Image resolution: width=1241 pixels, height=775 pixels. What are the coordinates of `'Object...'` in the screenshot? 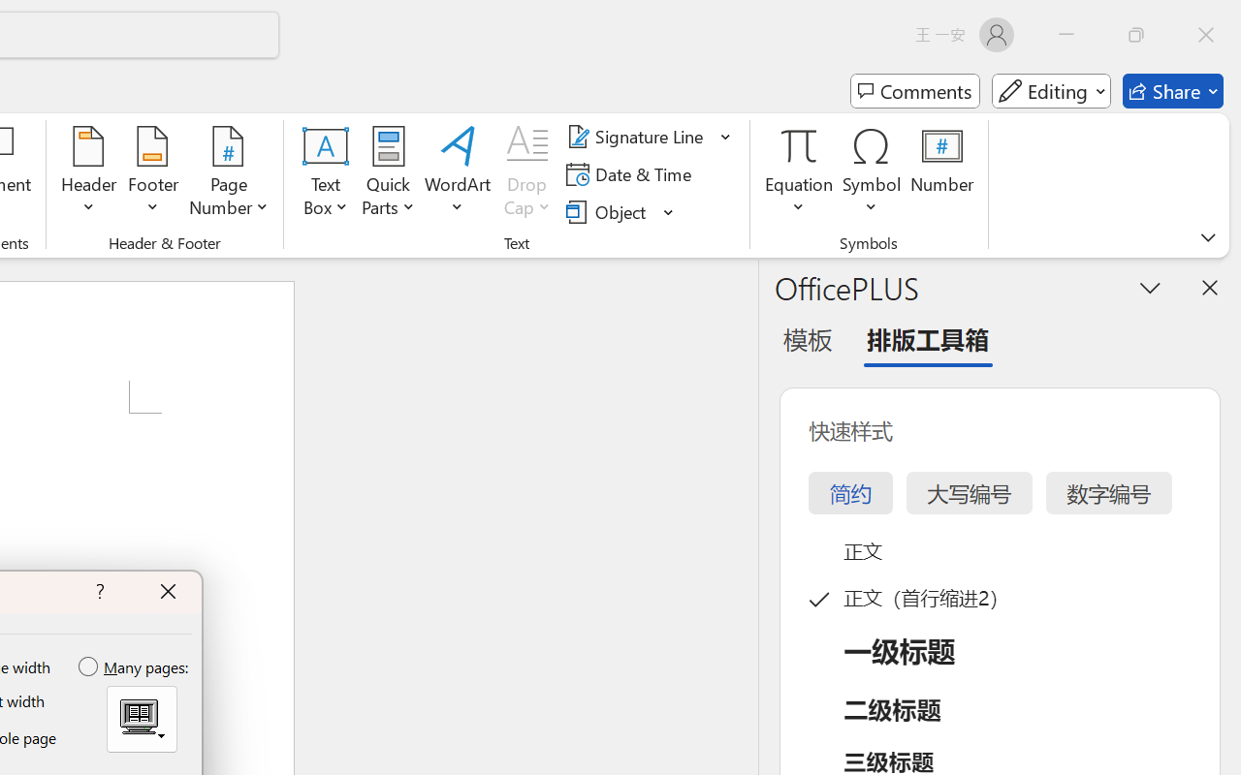 It's located at (620, 211).